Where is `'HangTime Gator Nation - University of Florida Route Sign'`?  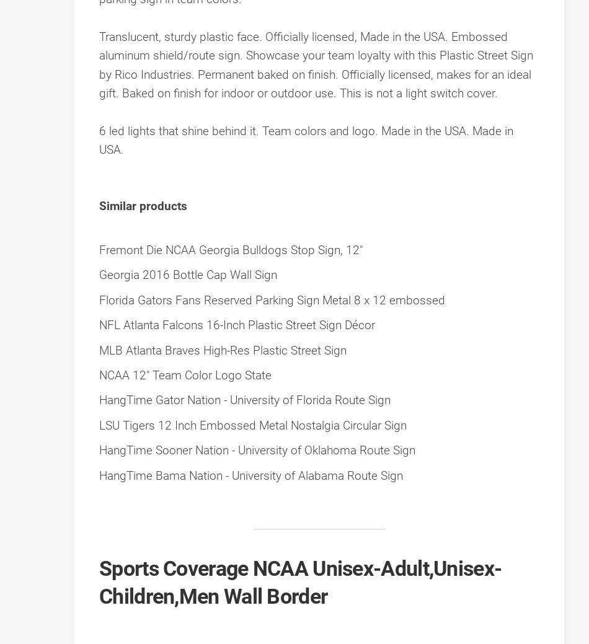 'HangTime Gator Nation - University of Florida Route Sign' is located at coordinates (244, 400).